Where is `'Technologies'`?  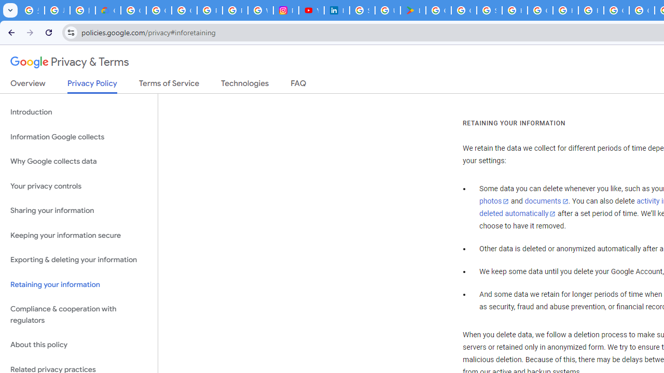
'Technologies' is located at coordinates (244, 85).